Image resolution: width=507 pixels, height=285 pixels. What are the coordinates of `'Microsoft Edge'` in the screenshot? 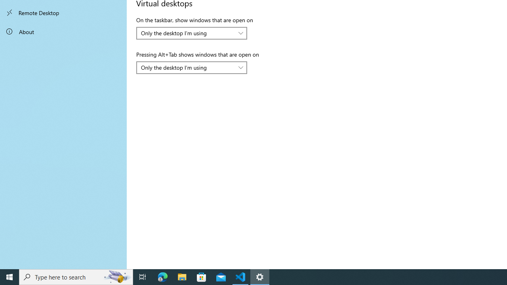 It's located at (162, 276).